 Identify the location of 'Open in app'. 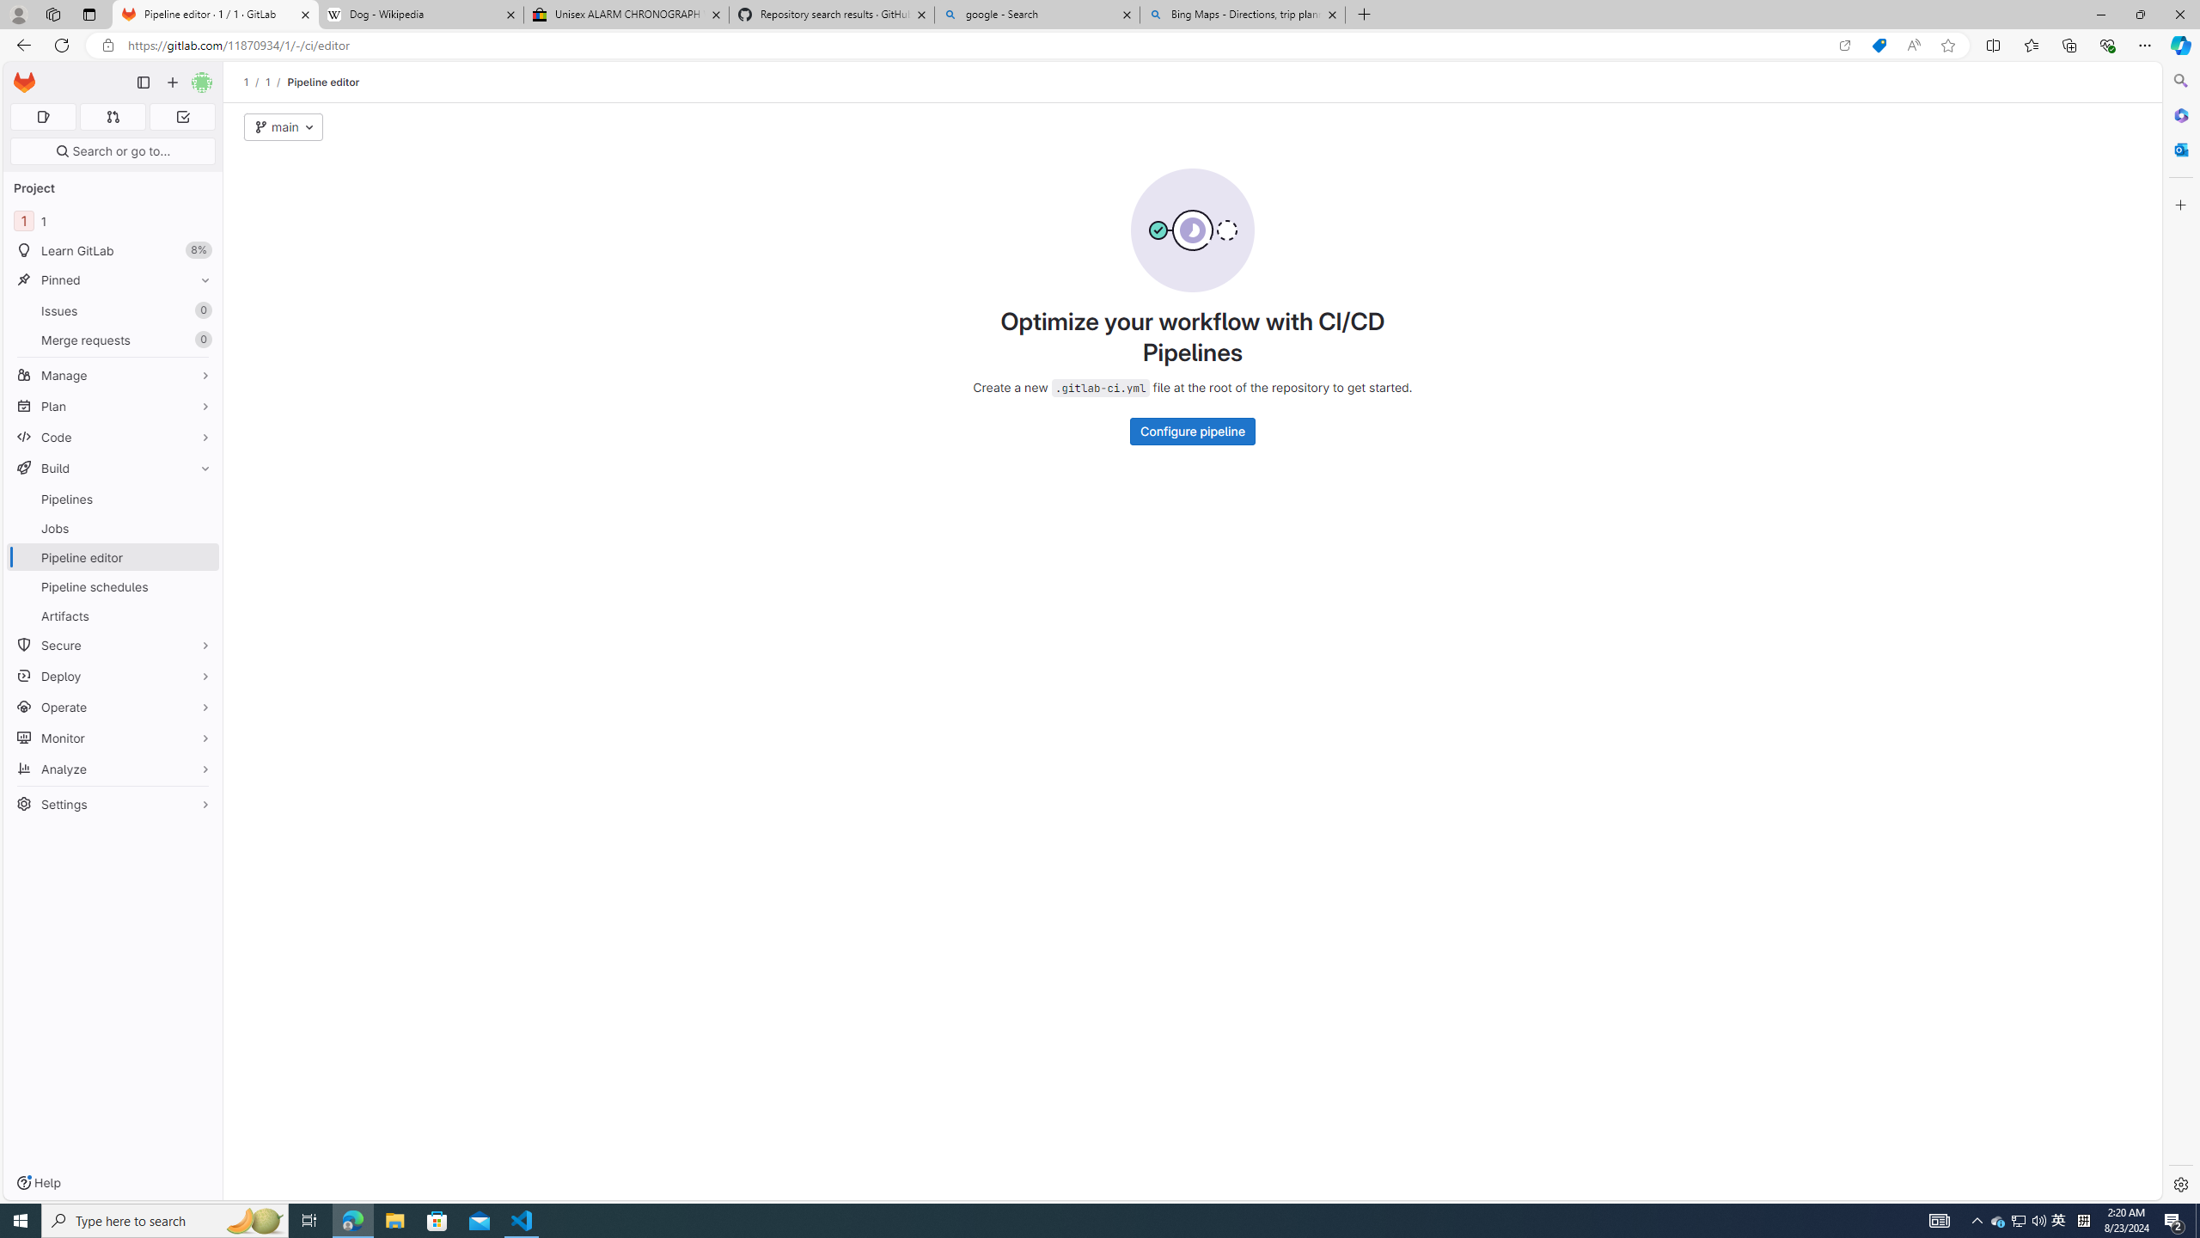
(1843, 46).